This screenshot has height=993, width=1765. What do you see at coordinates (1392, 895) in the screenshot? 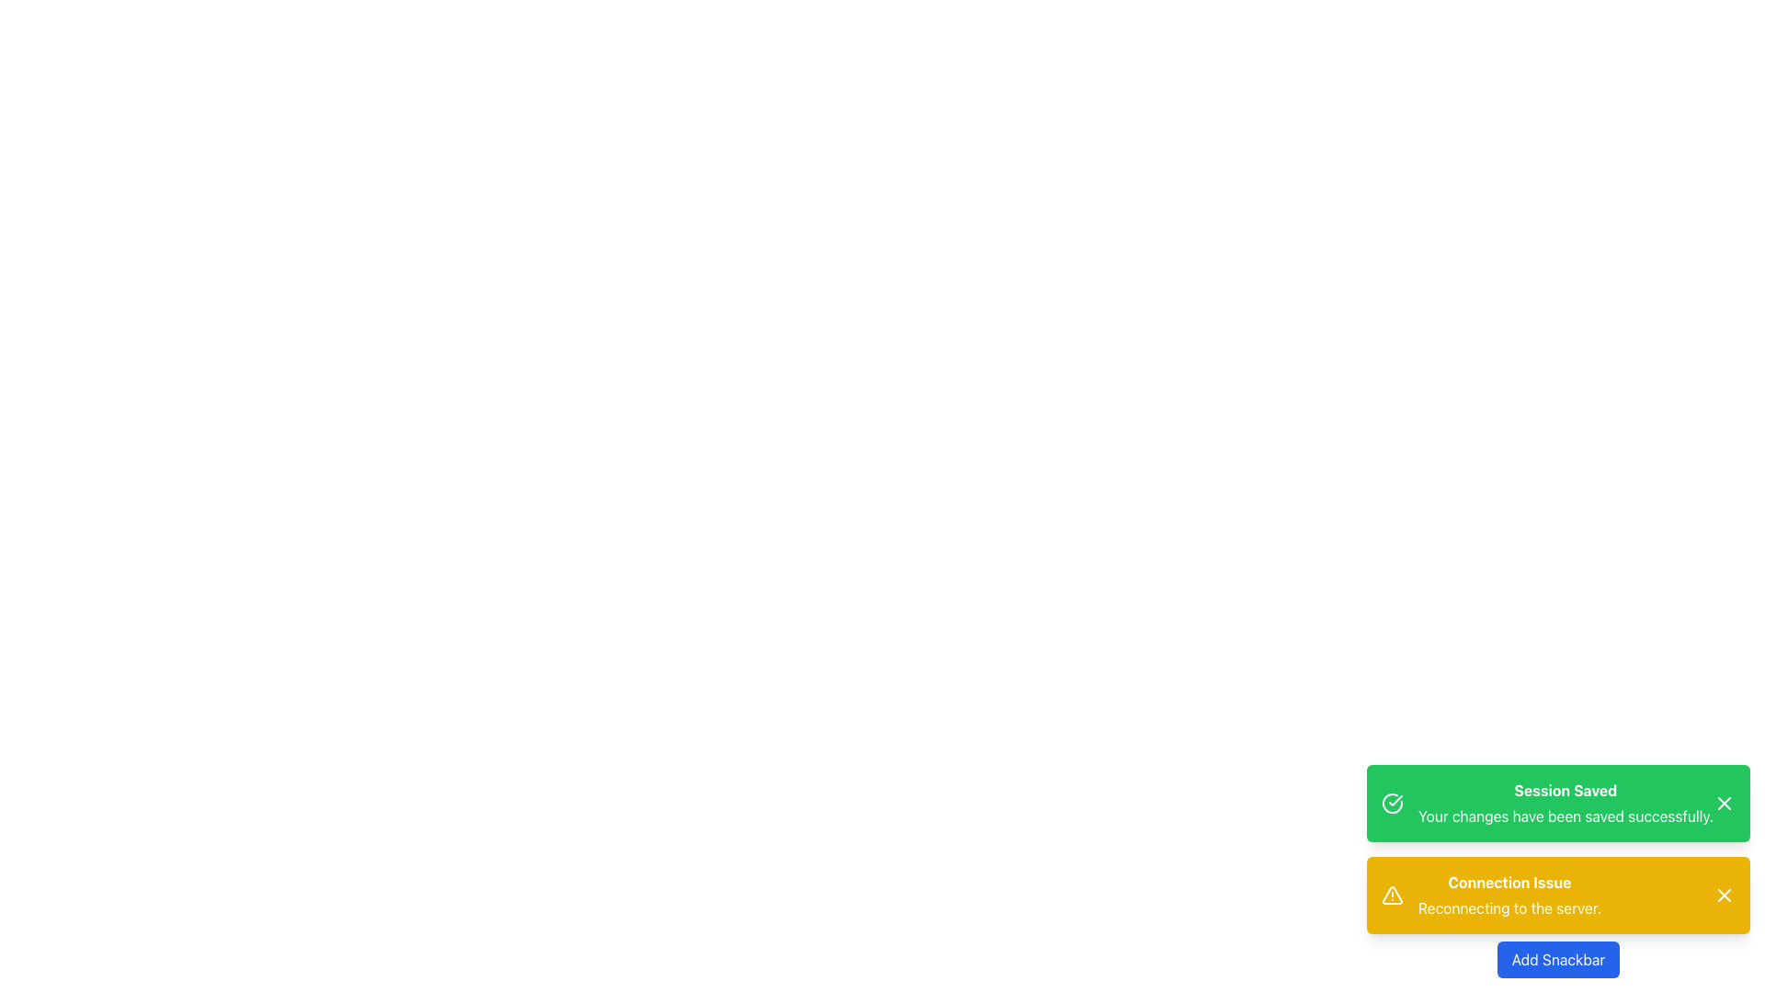
I see `the triangular warning icon with a yellow border and white interior that is part of the 'Connection Issue' notification box` at bounding box center [1392, 895].